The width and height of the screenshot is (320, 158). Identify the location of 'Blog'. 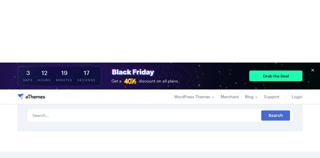
(245, 34).